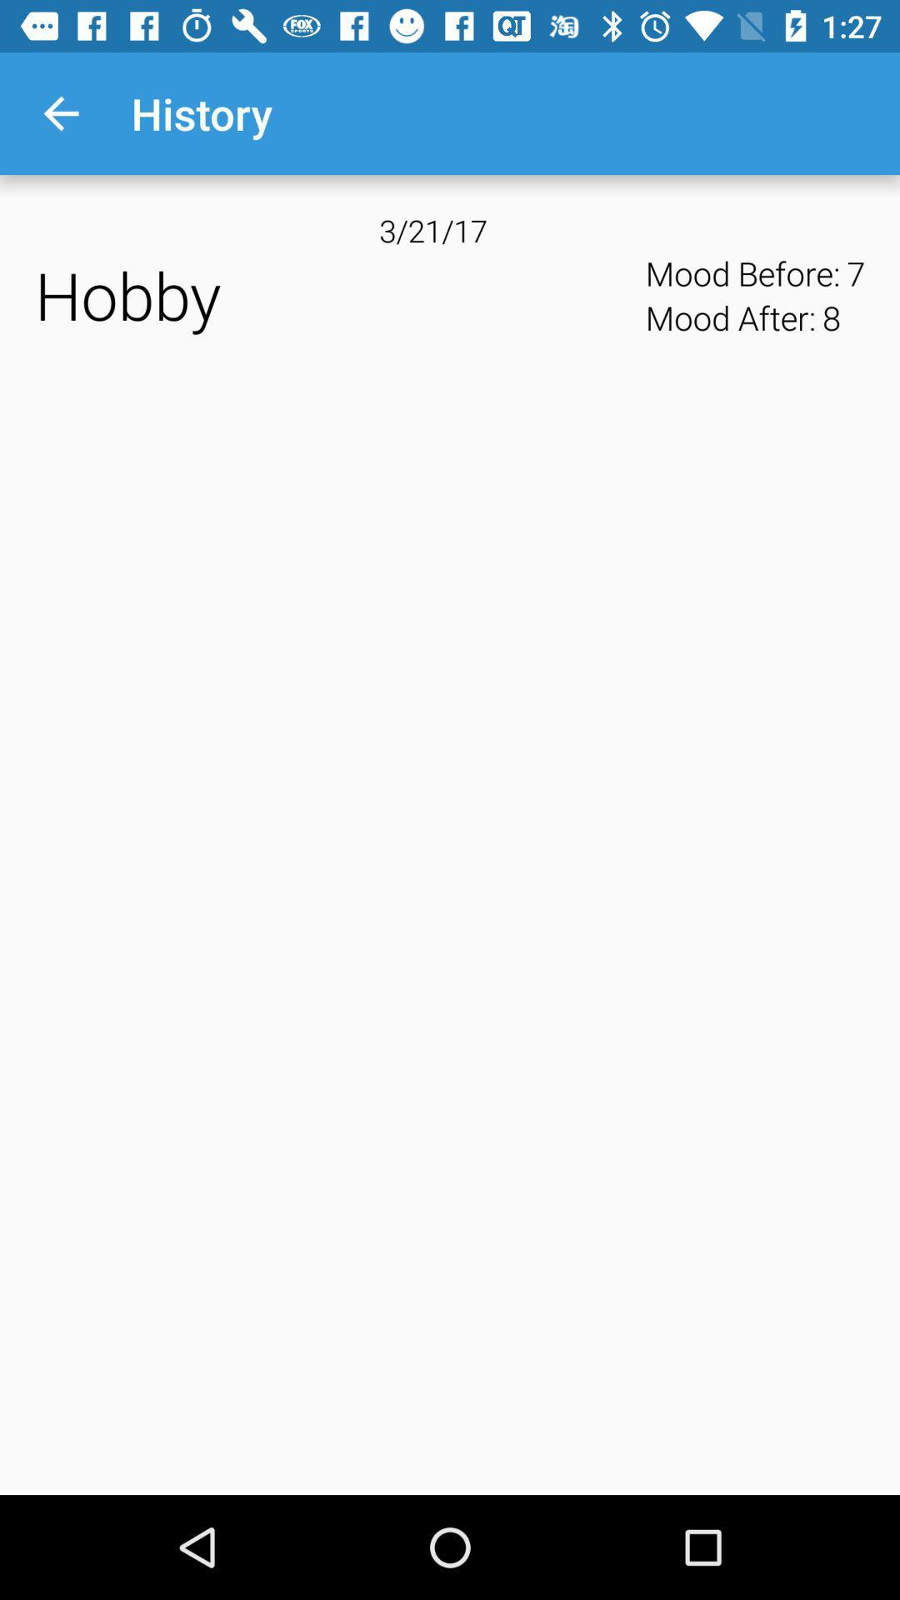 The width and height of the screenshot is (900, 1600). I want to click on the icon next to mood before:, so click(334, 295).